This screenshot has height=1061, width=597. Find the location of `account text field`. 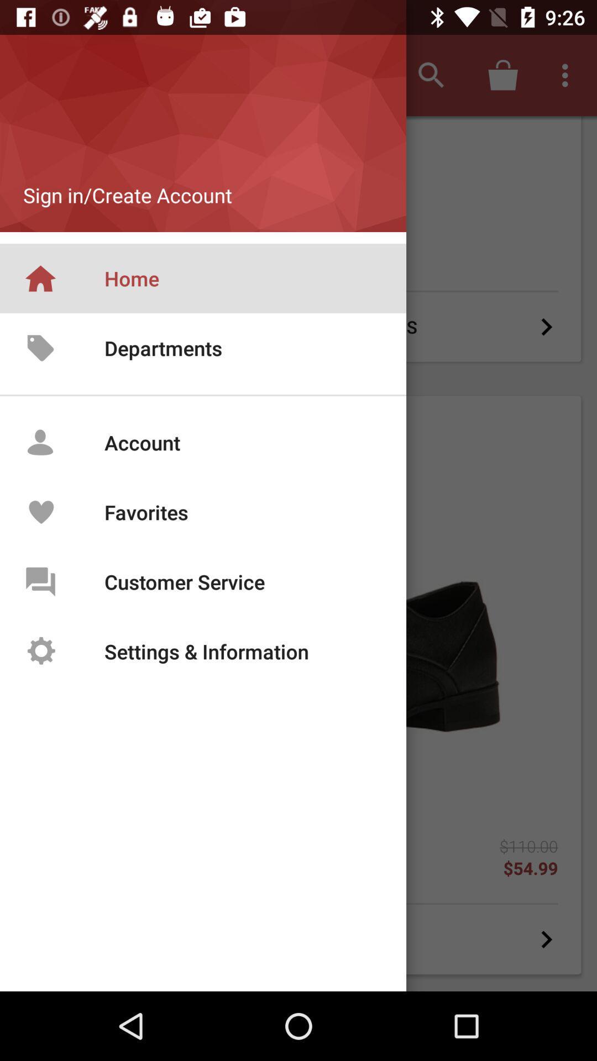

account text field is located at coordinates (177, 436).